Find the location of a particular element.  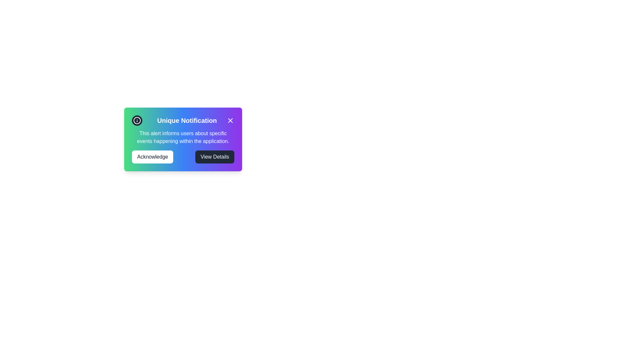

the notification icon to inspect it is located at coordinates (137, 120).